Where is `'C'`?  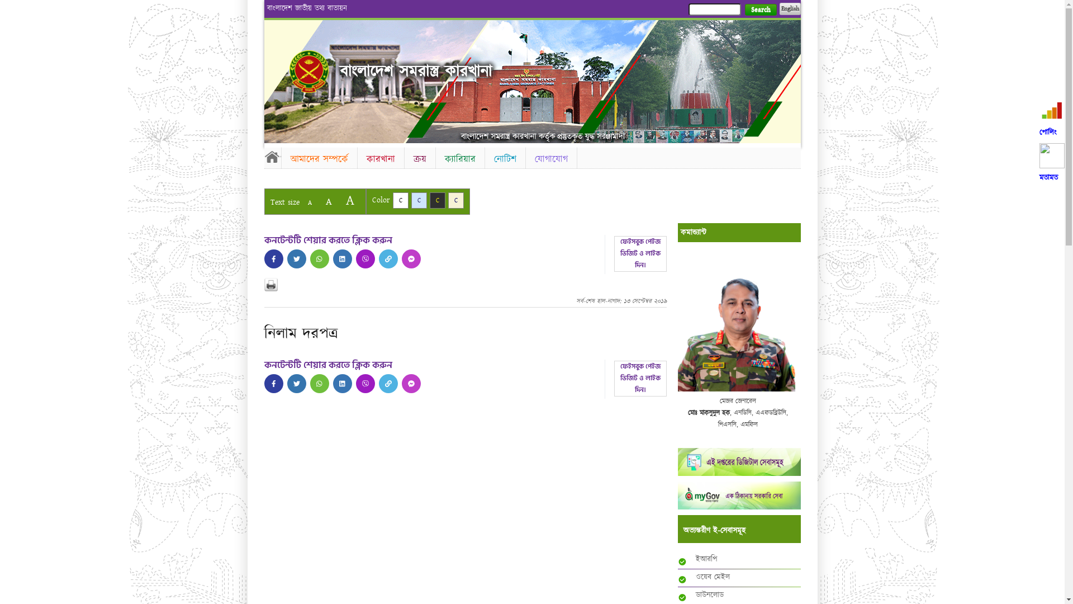
'C' is located at coordinates (418, 200).